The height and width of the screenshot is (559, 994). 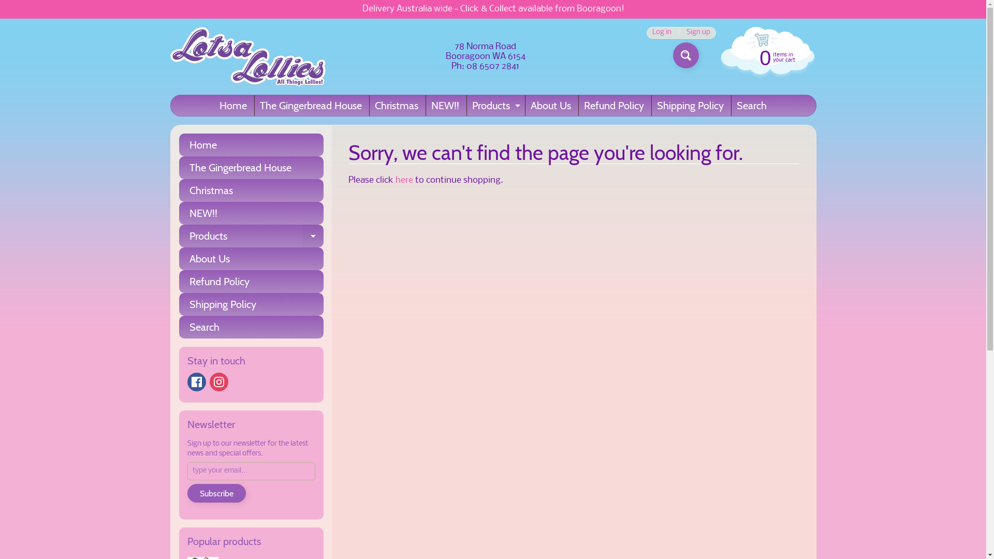 What do you see at coordinates (247, 56) in the screenshot?
I see `'lotsalollies'` at bounding box center [247, 56].